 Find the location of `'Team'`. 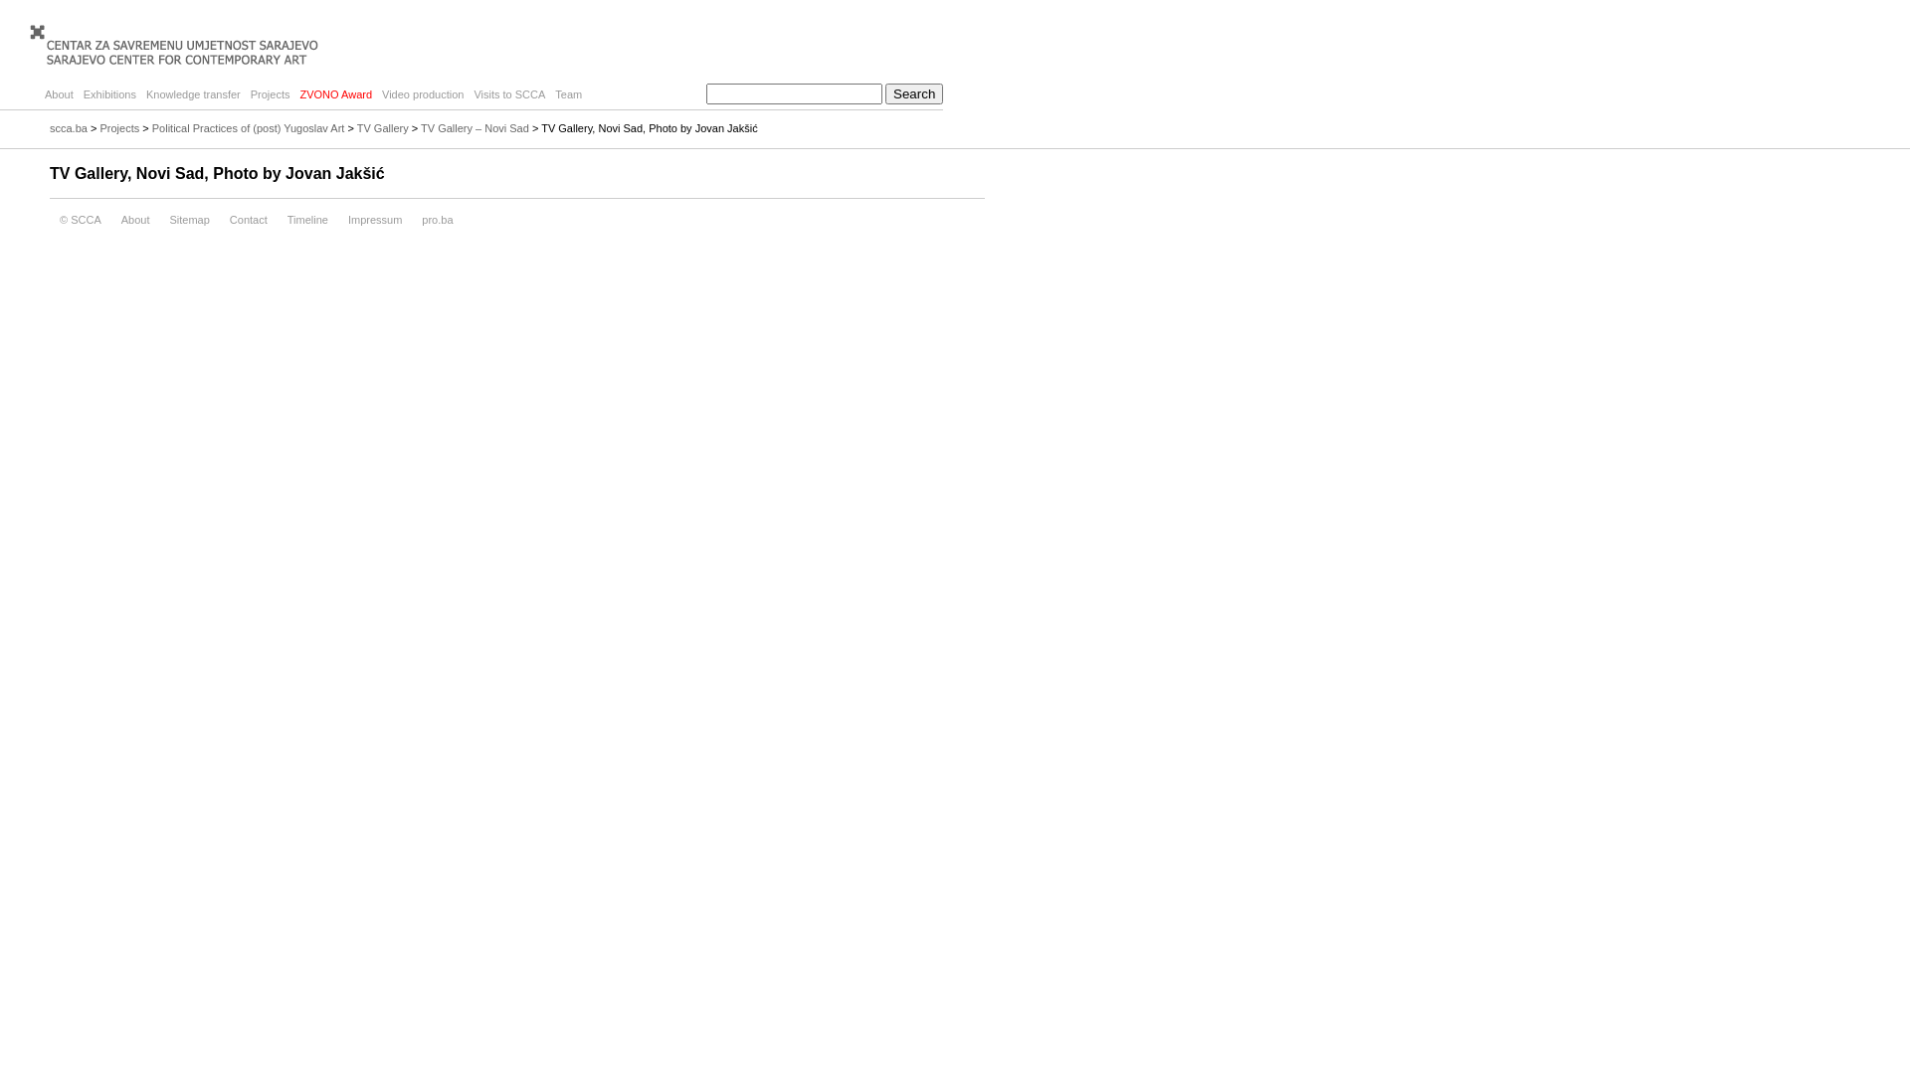

'Team' is located at coordinates (567, 94).